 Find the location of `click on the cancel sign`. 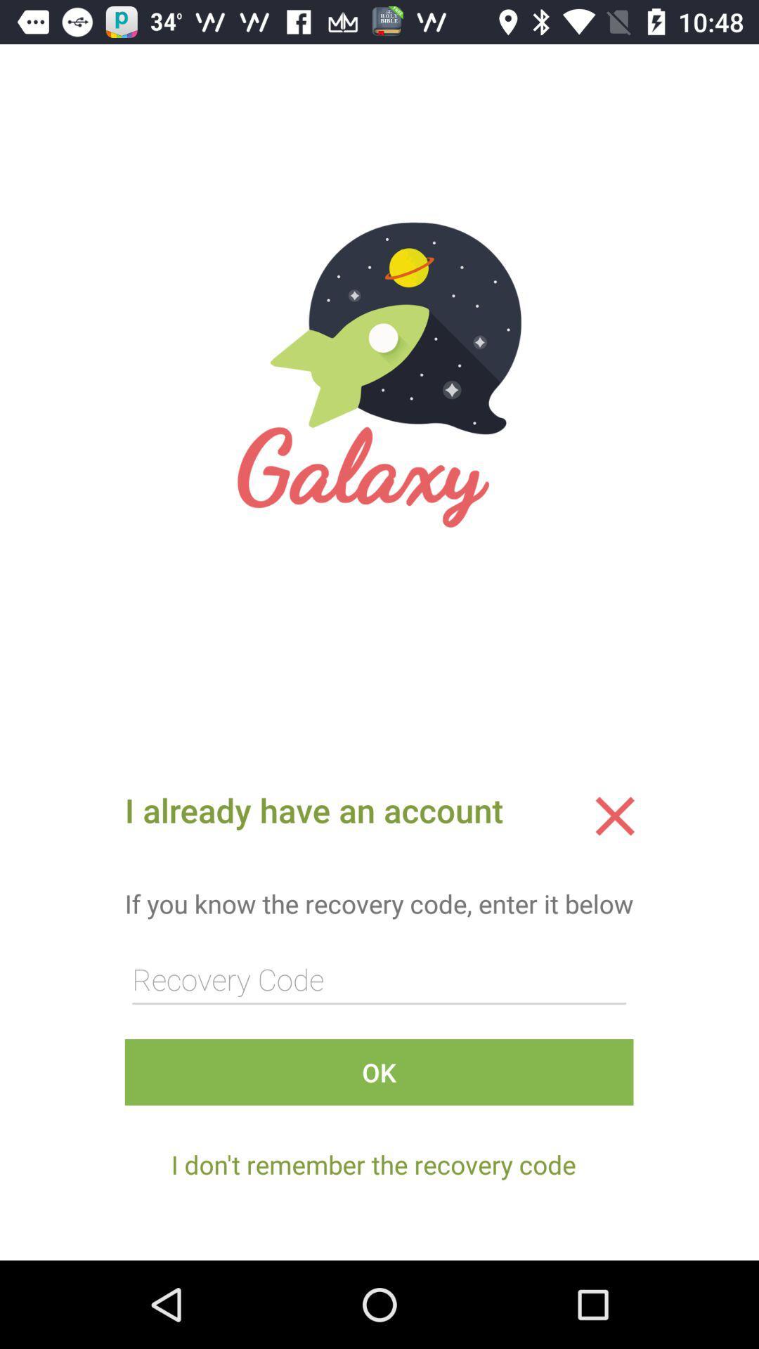

click on the cancel sign is located at coordinates (614, 816).